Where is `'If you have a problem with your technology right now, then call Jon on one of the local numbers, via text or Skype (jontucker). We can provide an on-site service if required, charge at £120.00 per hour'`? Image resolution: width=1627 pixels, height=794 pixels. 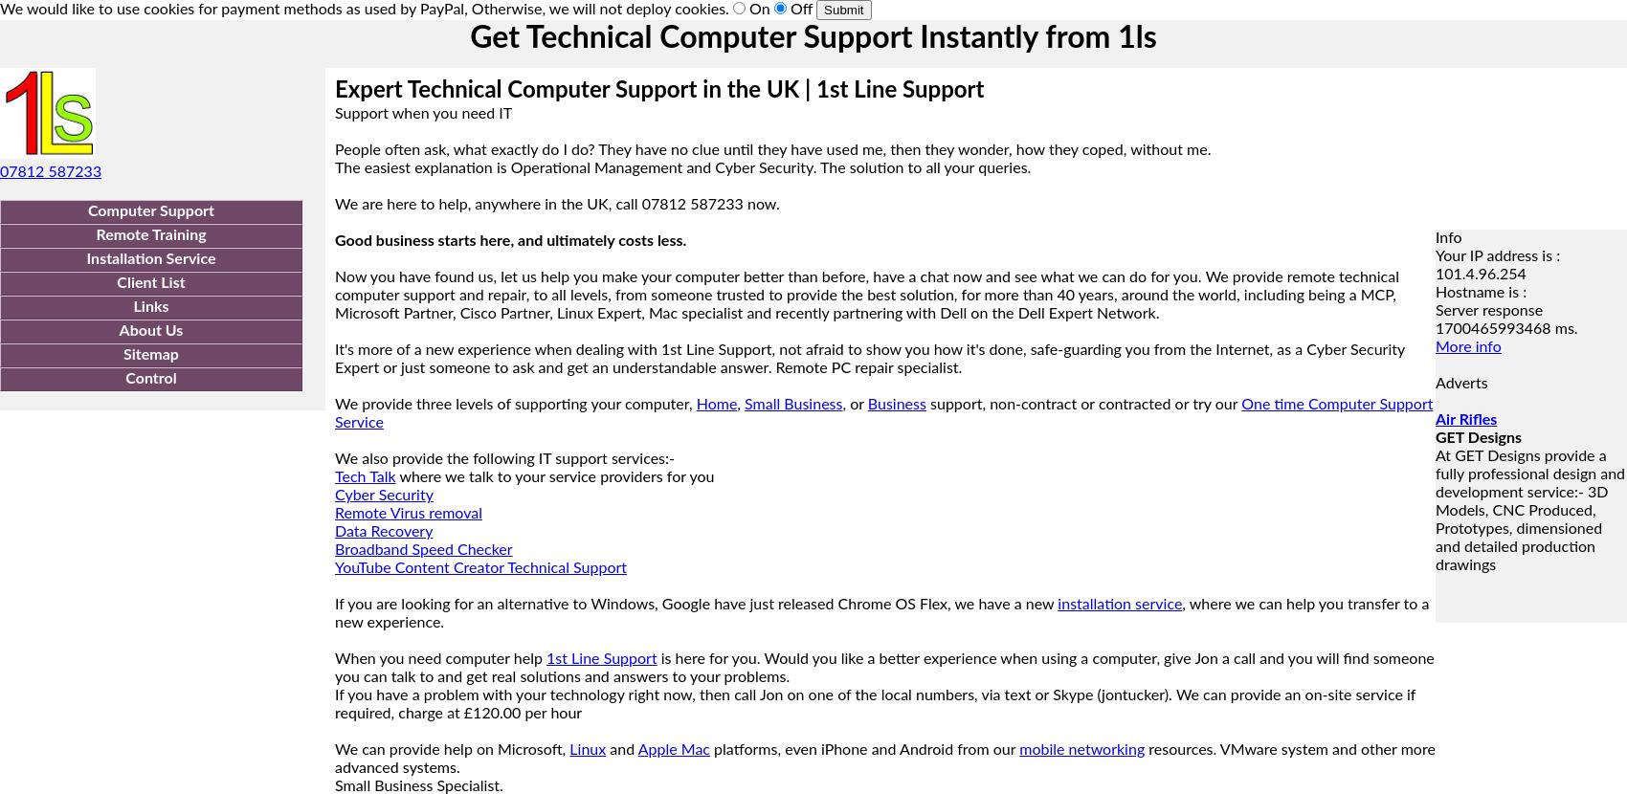
'If you have a problem with your technology right now, then call Jon on one of the local numbers, via text or Skype (jontucker). We can provide an on-site service if required, charge at £120.00 per hour' is located at coordinates (875, 703).